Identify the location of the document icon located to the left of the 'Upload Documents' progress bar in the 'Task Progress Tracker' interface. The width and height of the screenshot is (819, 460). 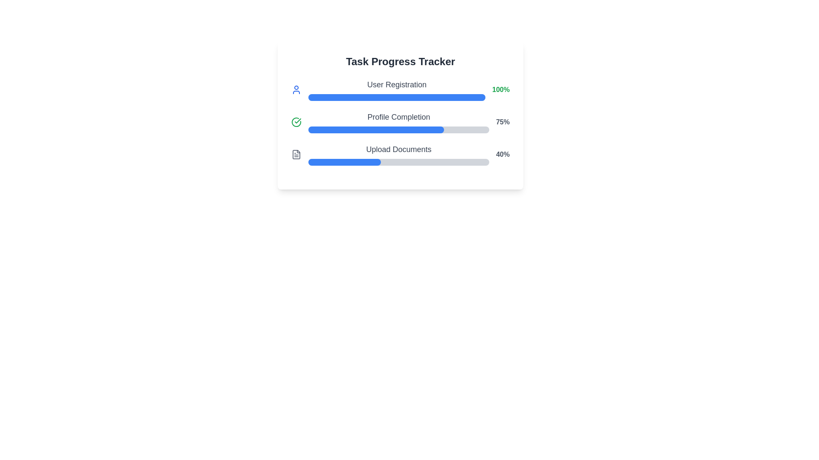
(296, 154).